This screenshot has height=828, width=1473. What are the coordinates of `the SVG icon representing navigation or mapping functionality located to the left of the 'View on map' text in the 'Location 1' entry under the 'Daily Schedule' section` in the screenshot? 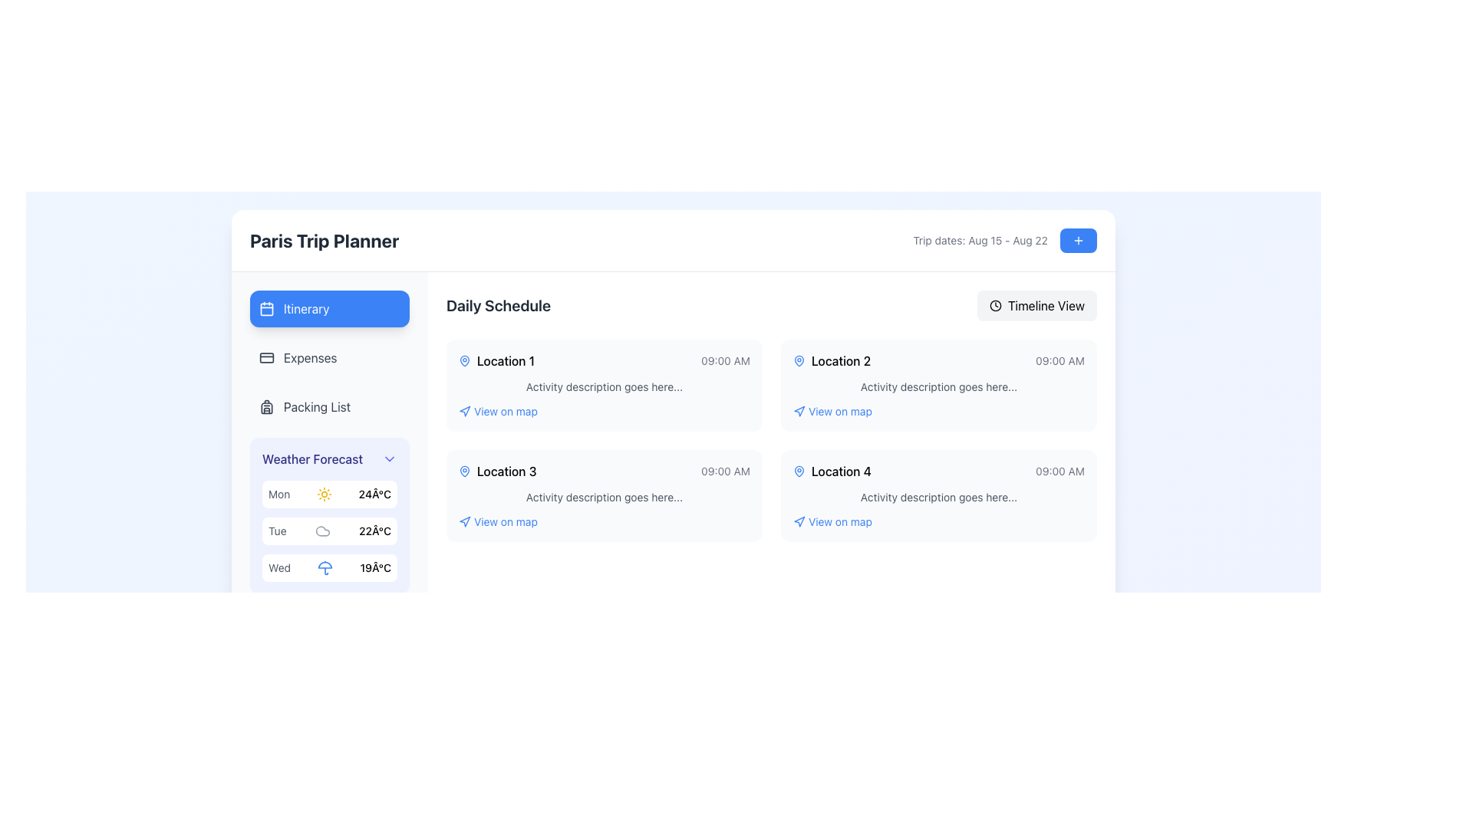 It's located at (463, 410).